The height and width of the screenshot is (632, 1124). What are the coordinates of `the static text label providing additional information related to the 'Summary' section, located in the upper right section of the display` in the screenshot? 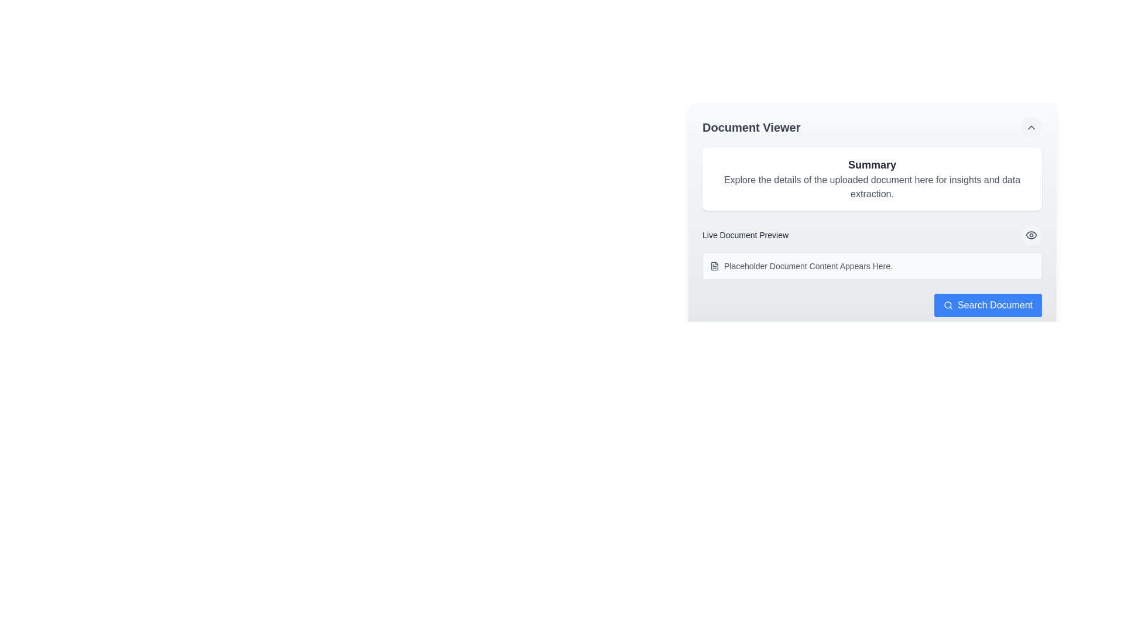 It's located at (872, 187).